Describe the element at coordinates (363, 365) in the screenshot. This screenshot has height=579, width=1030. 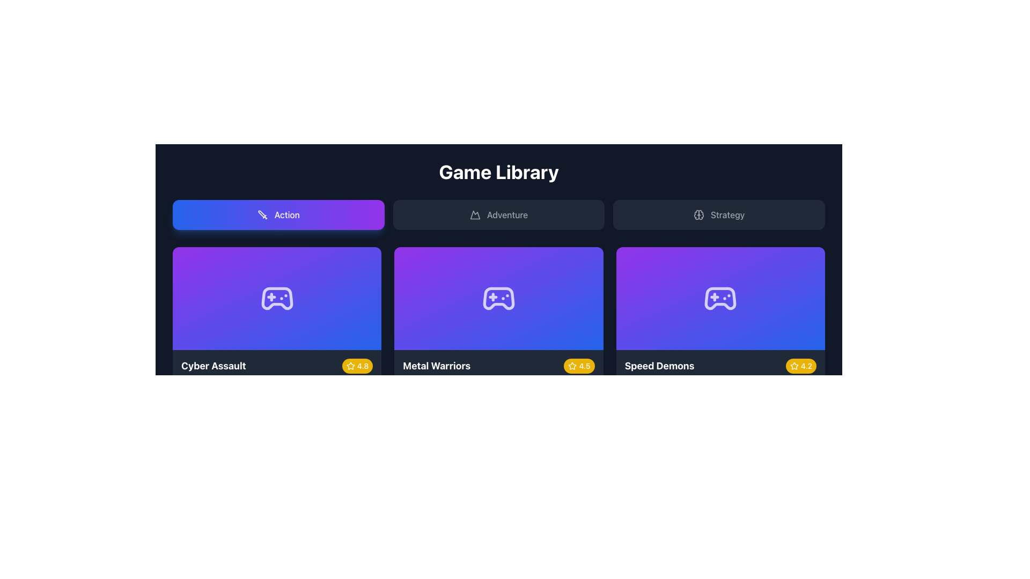
I see `the numerical rating score text label located at the bottom-right corner of the 'Cyber Assault' game card` at that location.